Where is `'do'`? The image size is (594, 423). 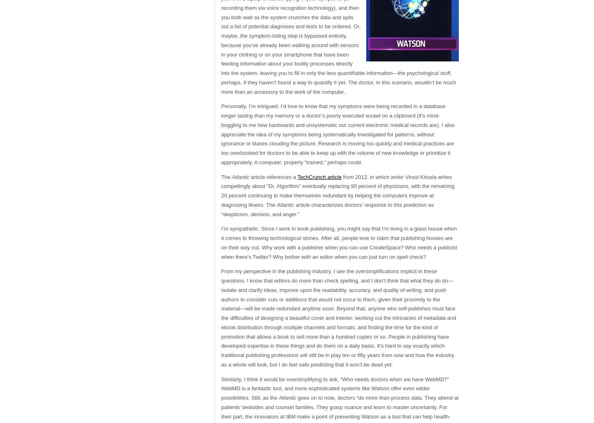 'do' is located at coordinates (438, 280).